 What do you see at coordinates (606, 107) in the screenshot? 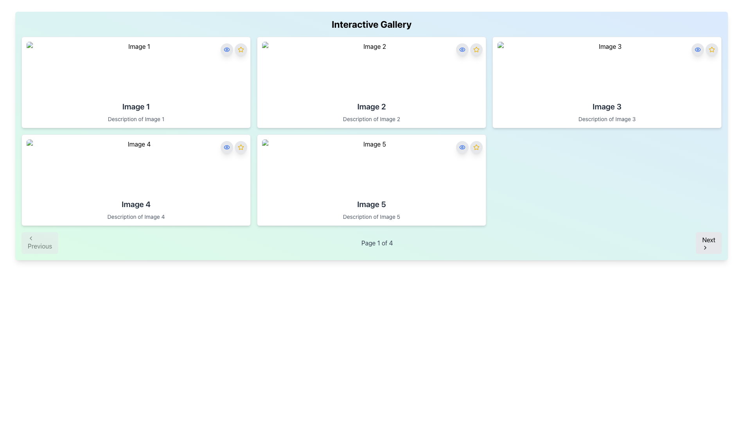
I see `text element labeled 'Image 3', which serves as a title for the associated card content located in the top row, third column of the grid layout` at bounding box center [606, 107].